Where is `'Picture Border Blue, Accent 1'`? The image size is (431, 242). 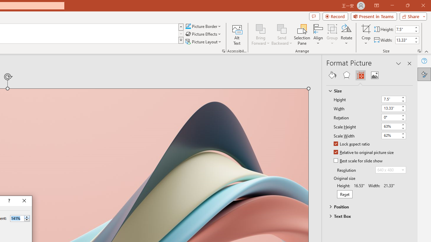
'Picture Border Blue, Accent 1' is located at coordinates (188, 26).